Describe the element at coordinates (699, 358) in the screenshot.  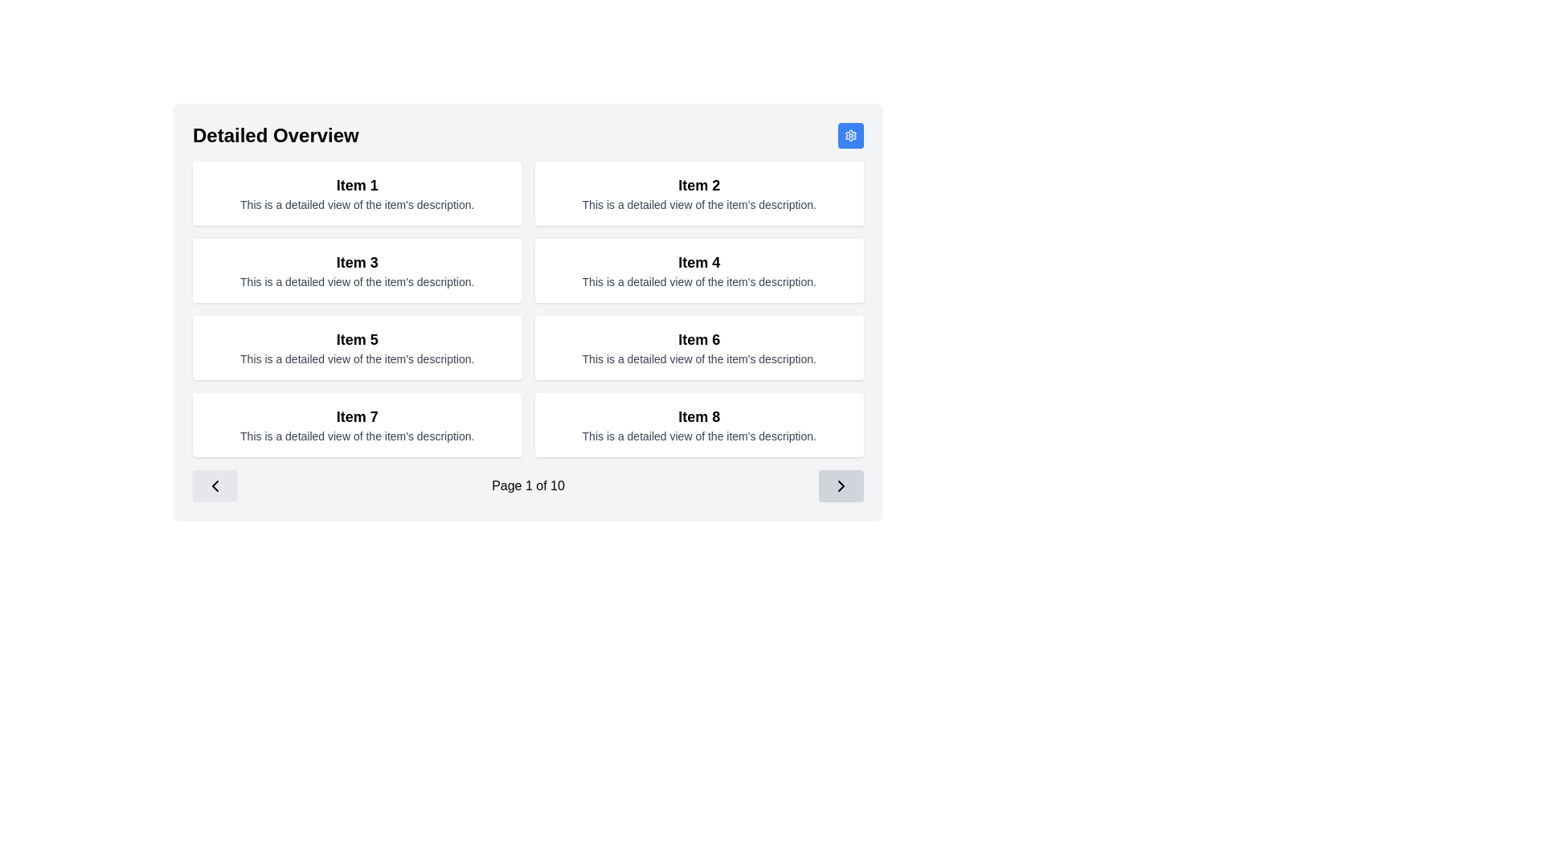
I see `the static text element that reads 'This is a detailed view of the item's description.' located beneath 'Item 6'` at that location.